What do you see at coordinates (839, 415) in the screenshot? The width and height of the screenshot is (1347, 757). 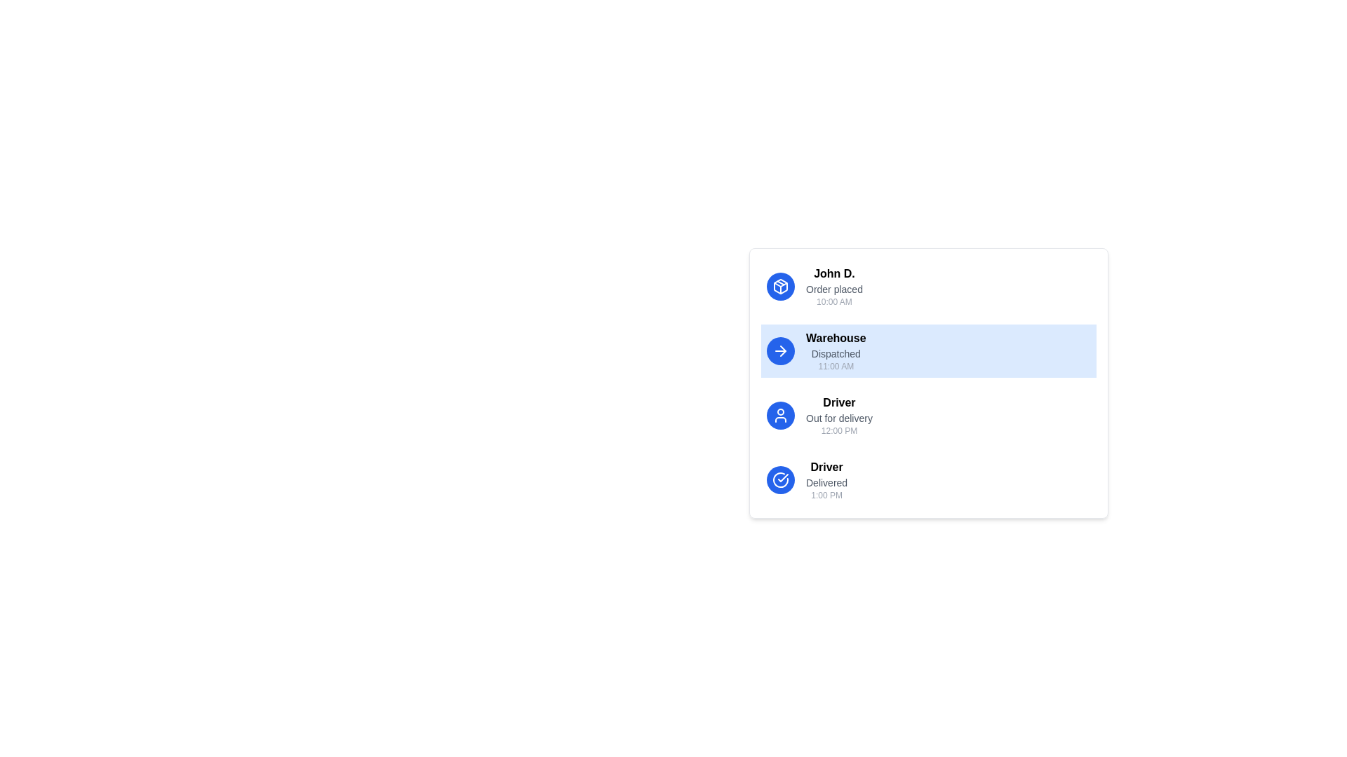 I see `the text block displaying 'Driver', which has 'Out for delivery' and a timestamp '12:00 PM'` at bounding box center [839, 415].